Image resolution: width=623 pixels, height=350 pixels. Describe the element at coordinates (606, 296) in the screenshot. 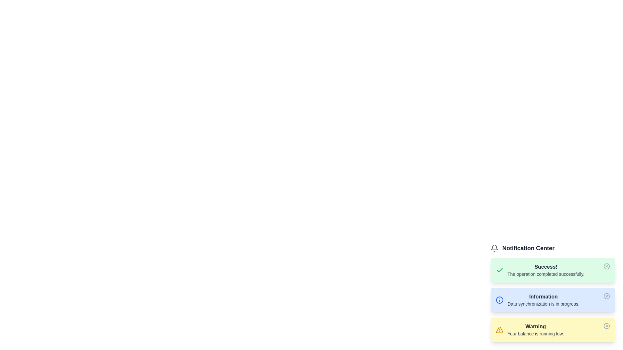

I see `the circular graphical icon located at the center of the blue notification block labeled 'Information.'` at that location.